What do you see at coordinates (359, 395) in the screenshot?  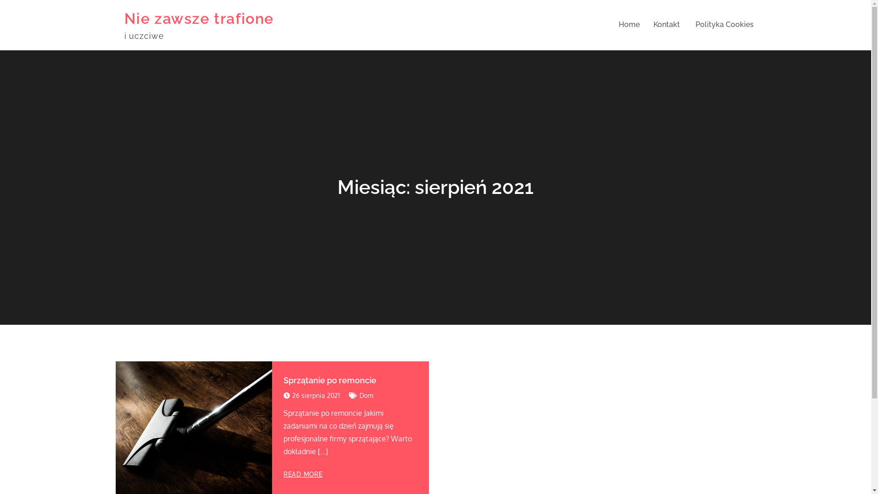 I see `'Dom'` at bounding box center [359, 395].